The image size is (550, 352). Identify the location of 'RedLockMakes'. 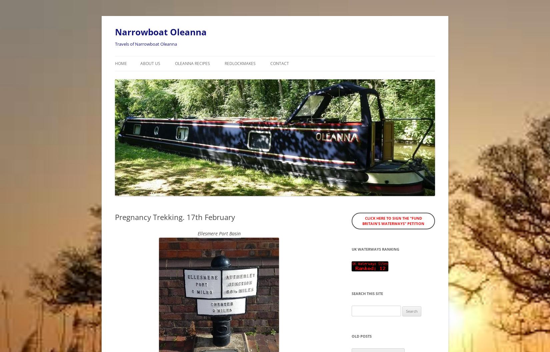
(224, 63).